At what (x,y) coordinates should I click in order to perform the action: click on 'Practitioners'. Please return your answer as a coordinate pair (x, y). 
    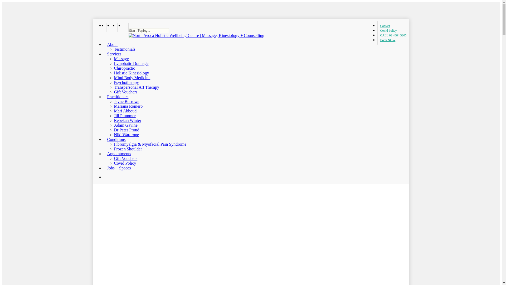
    Looking at the image, I should click on (115, 97).